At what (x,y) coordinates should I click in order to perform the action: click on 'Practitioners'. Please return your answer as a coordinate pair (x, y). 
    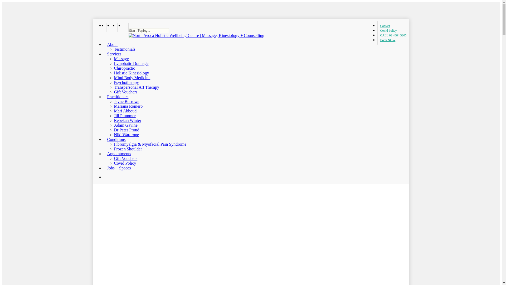
    Looking at the image, I should click on (115, 97).